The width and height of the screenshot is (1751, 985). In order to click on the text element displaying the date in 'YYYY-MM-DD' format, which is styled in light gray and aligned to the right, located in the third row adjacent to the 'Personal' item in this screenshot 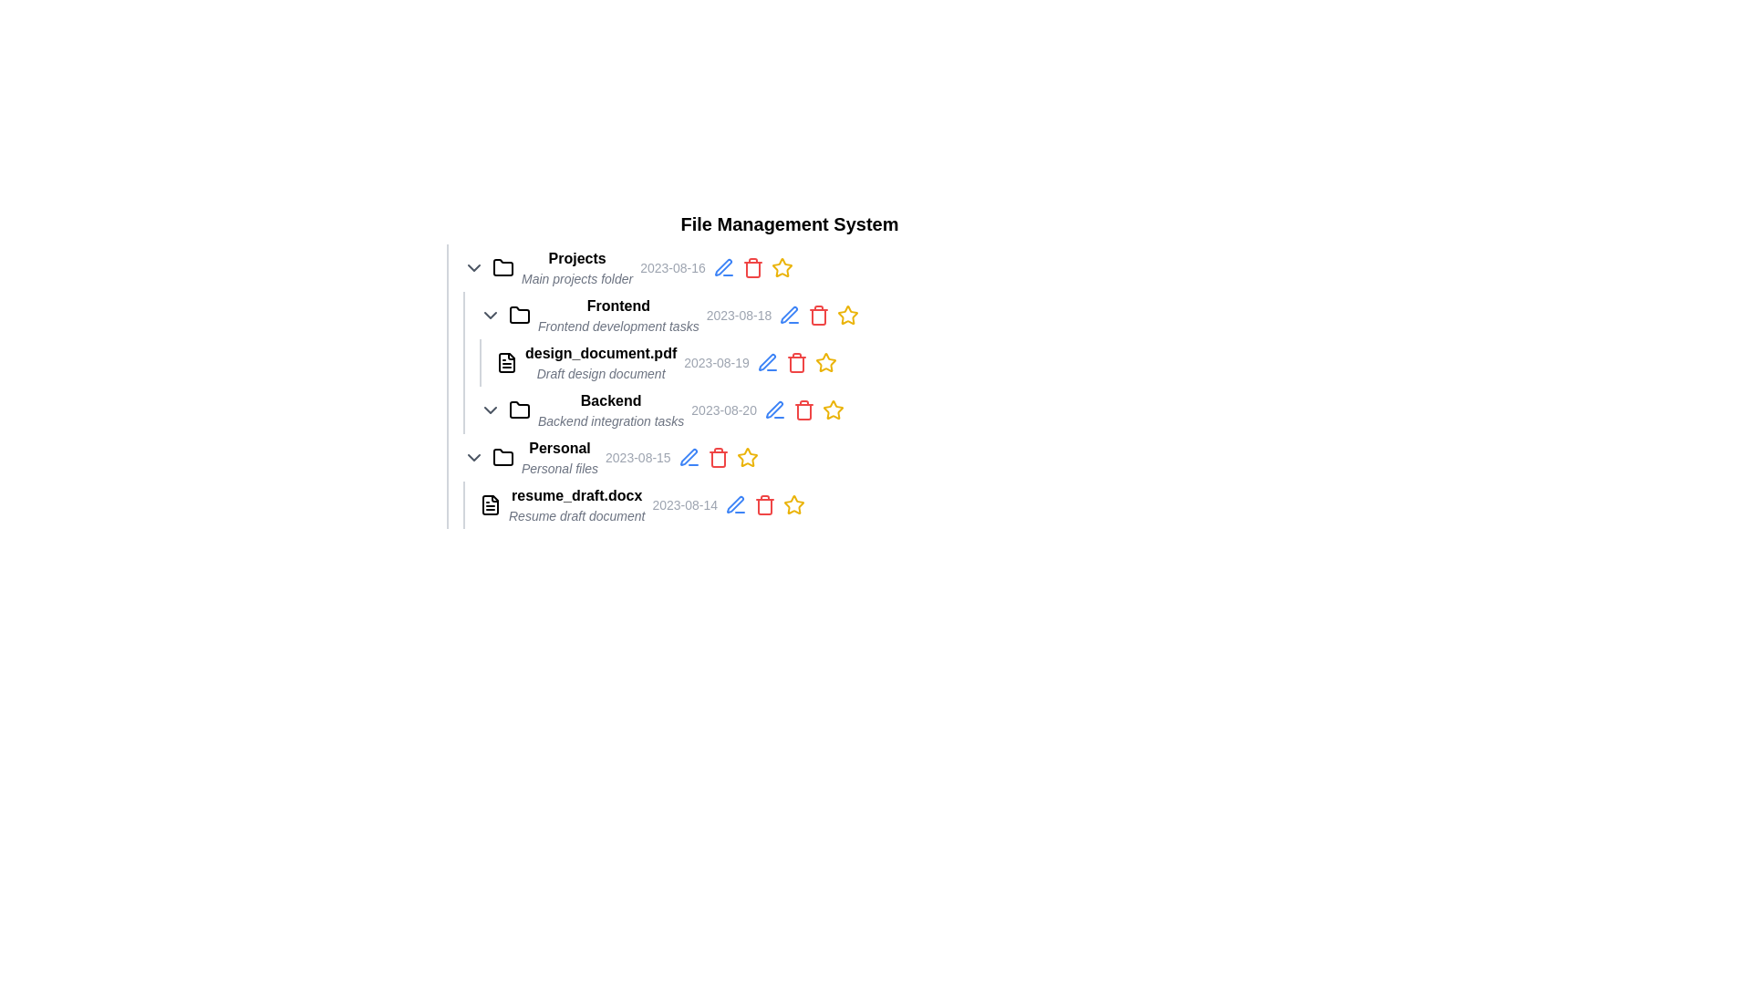, I will do `click(637, 456)`.